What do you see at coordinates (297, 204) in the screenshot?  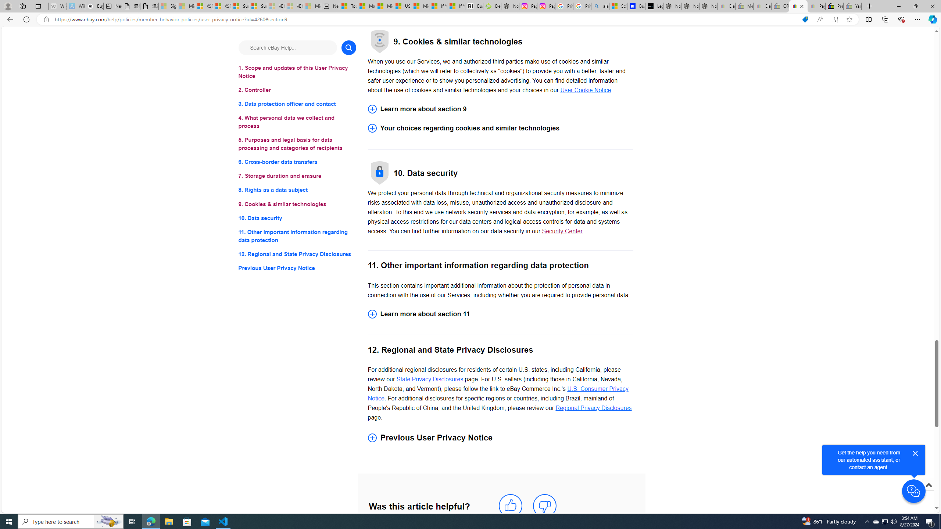 I see `'9. Cookies & similar technologies'` at bounding box center [297, 204].